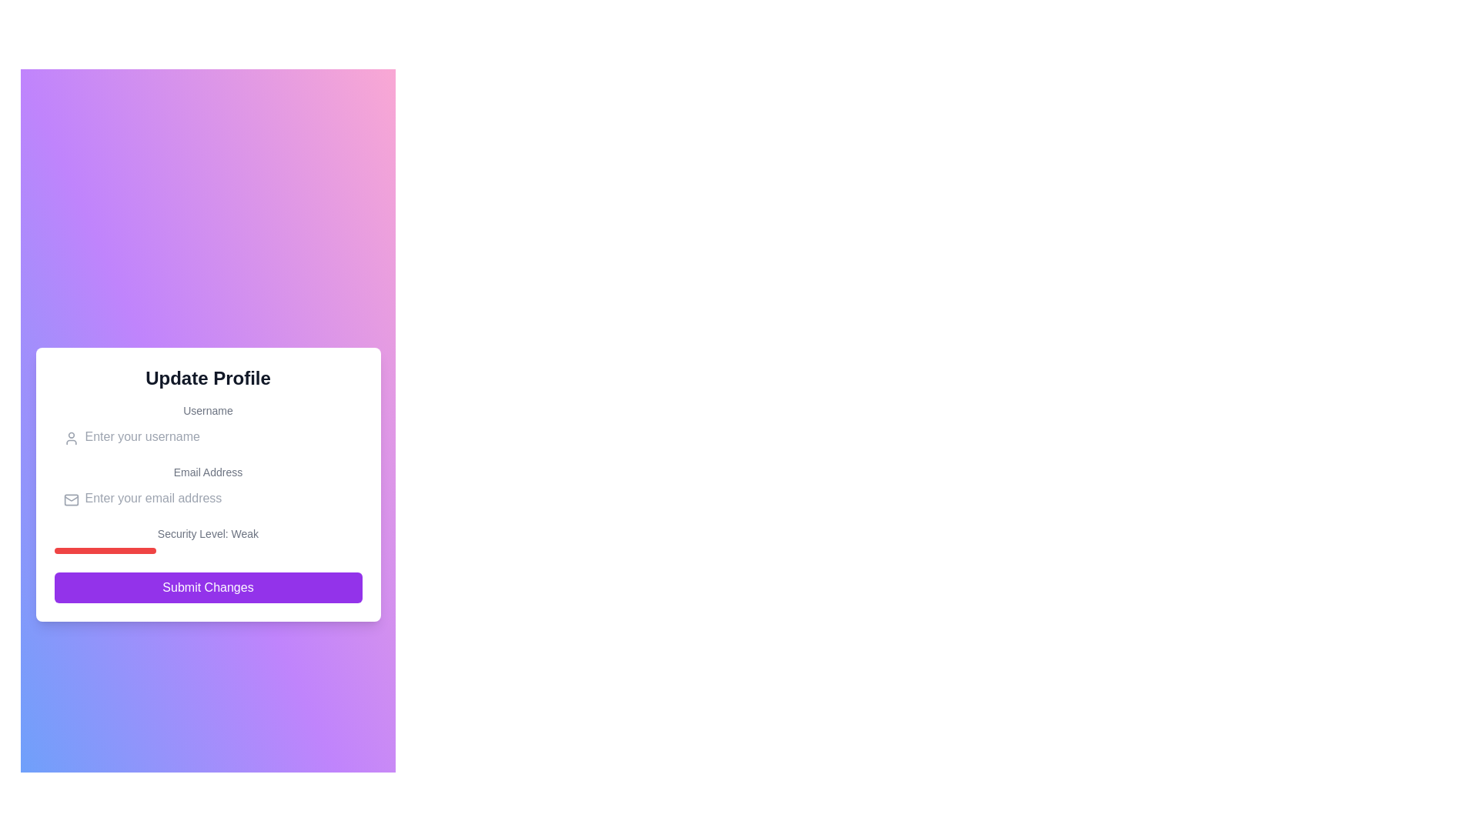 The image size is (1478, 831). Describe the element at coordinates (207, 587) in the screenshot. I see `the submit button for the profile update form located at the bottom of the card, below the 'Security Level: Weak' label` at that location.